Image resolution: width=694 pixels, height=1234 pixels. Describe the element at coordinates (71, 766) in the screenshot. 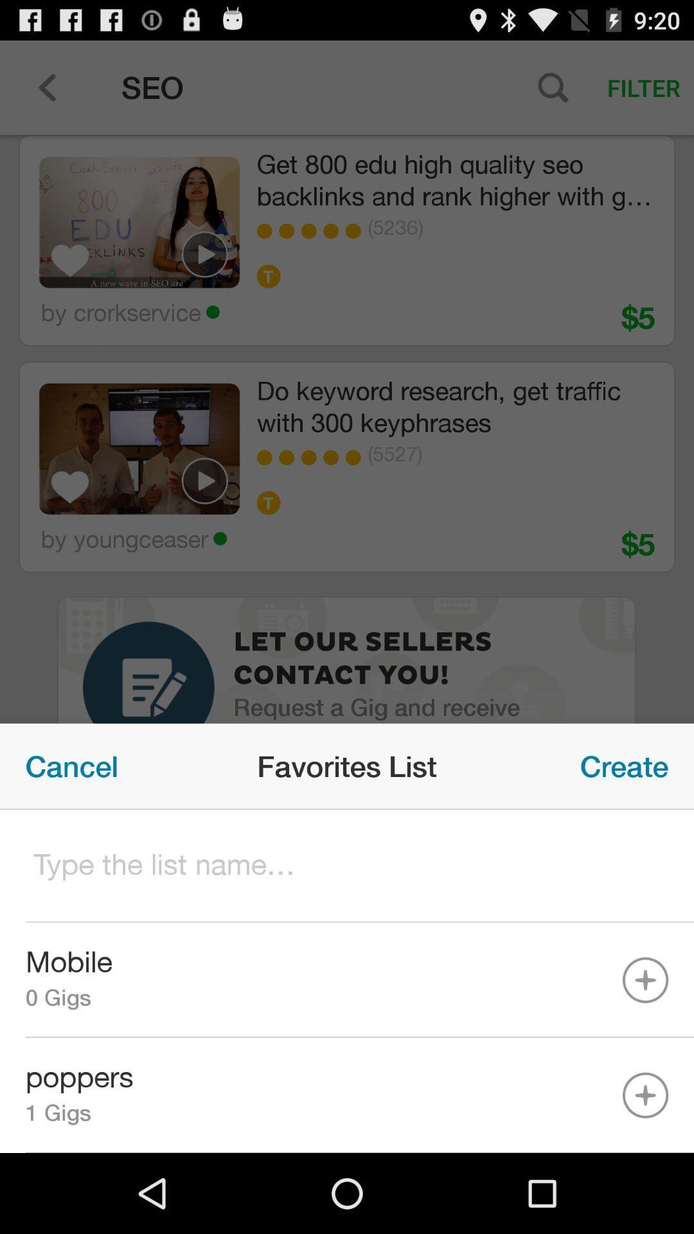

I see `item to the left of the favorites list icon` at that location.